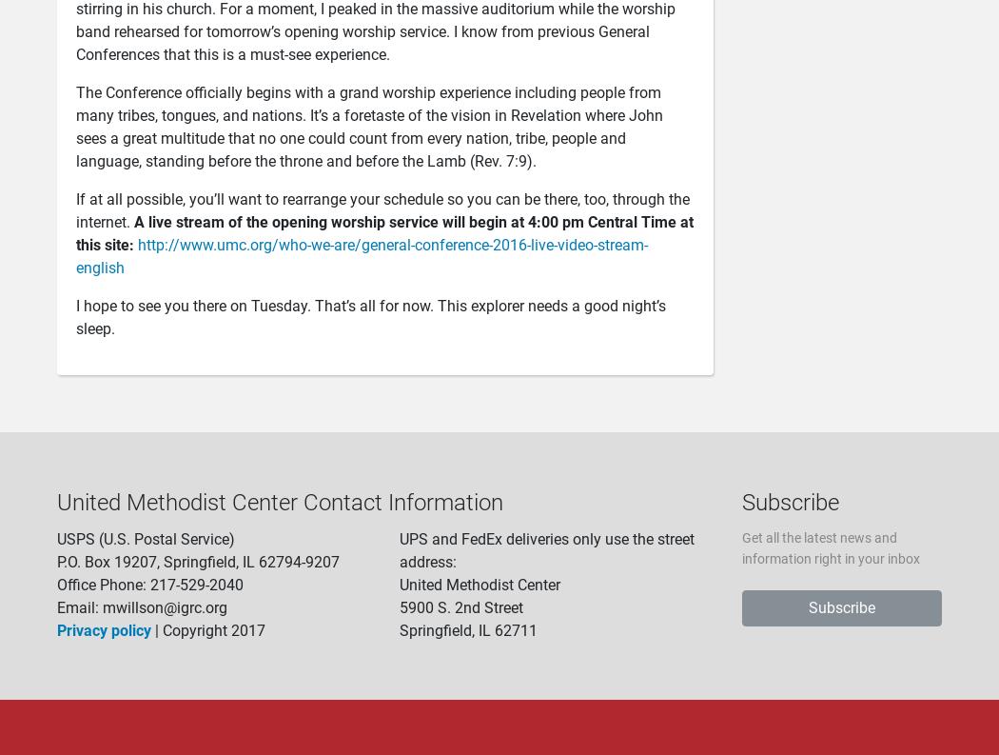  Describe the element at coordinates (370, 317) in the screenshot. I see `'I hope to see you there on Tuesday. That’s all for now. This explorer needs a good night’s sleep.'` at that location.